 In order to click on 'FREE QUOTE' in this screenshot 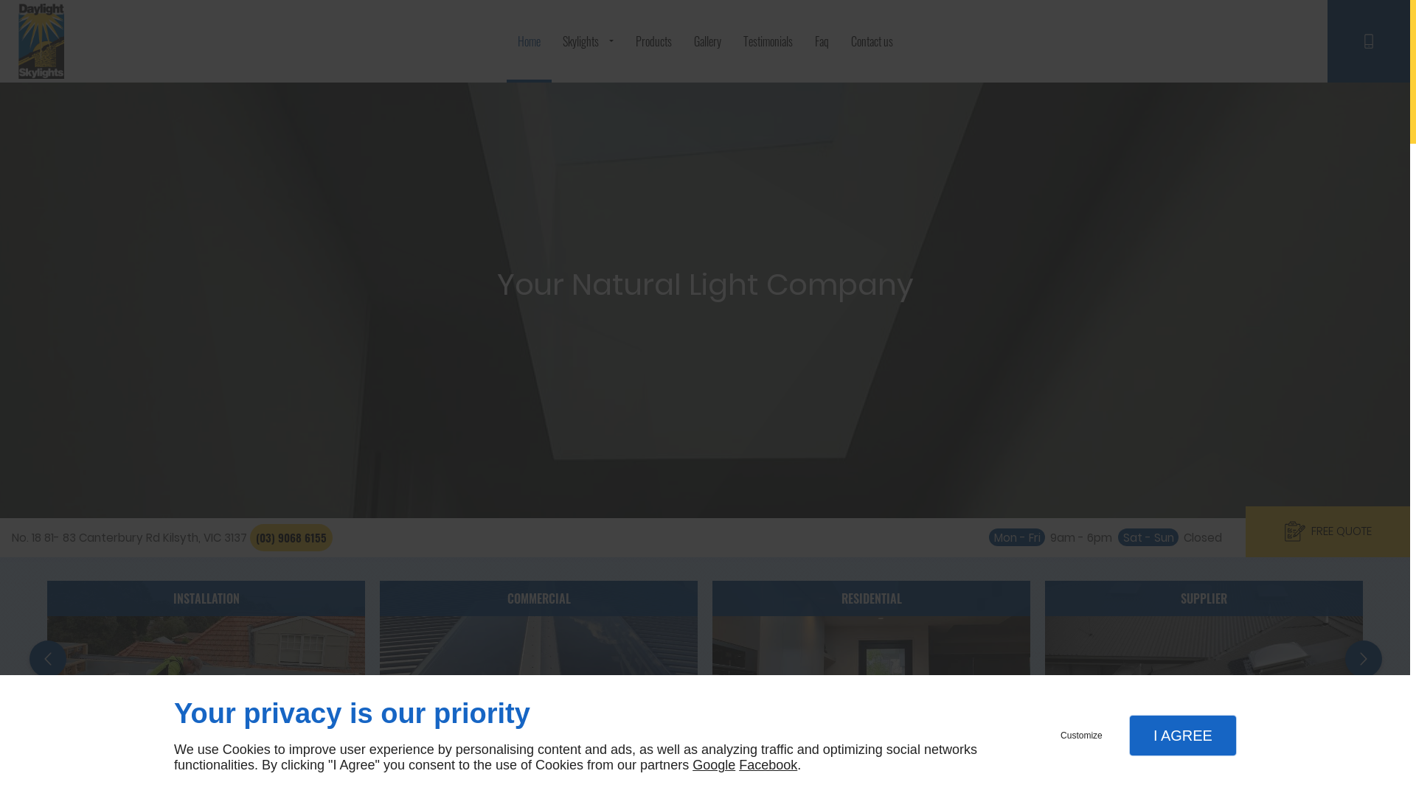, I will do `click(1327, 531)`.